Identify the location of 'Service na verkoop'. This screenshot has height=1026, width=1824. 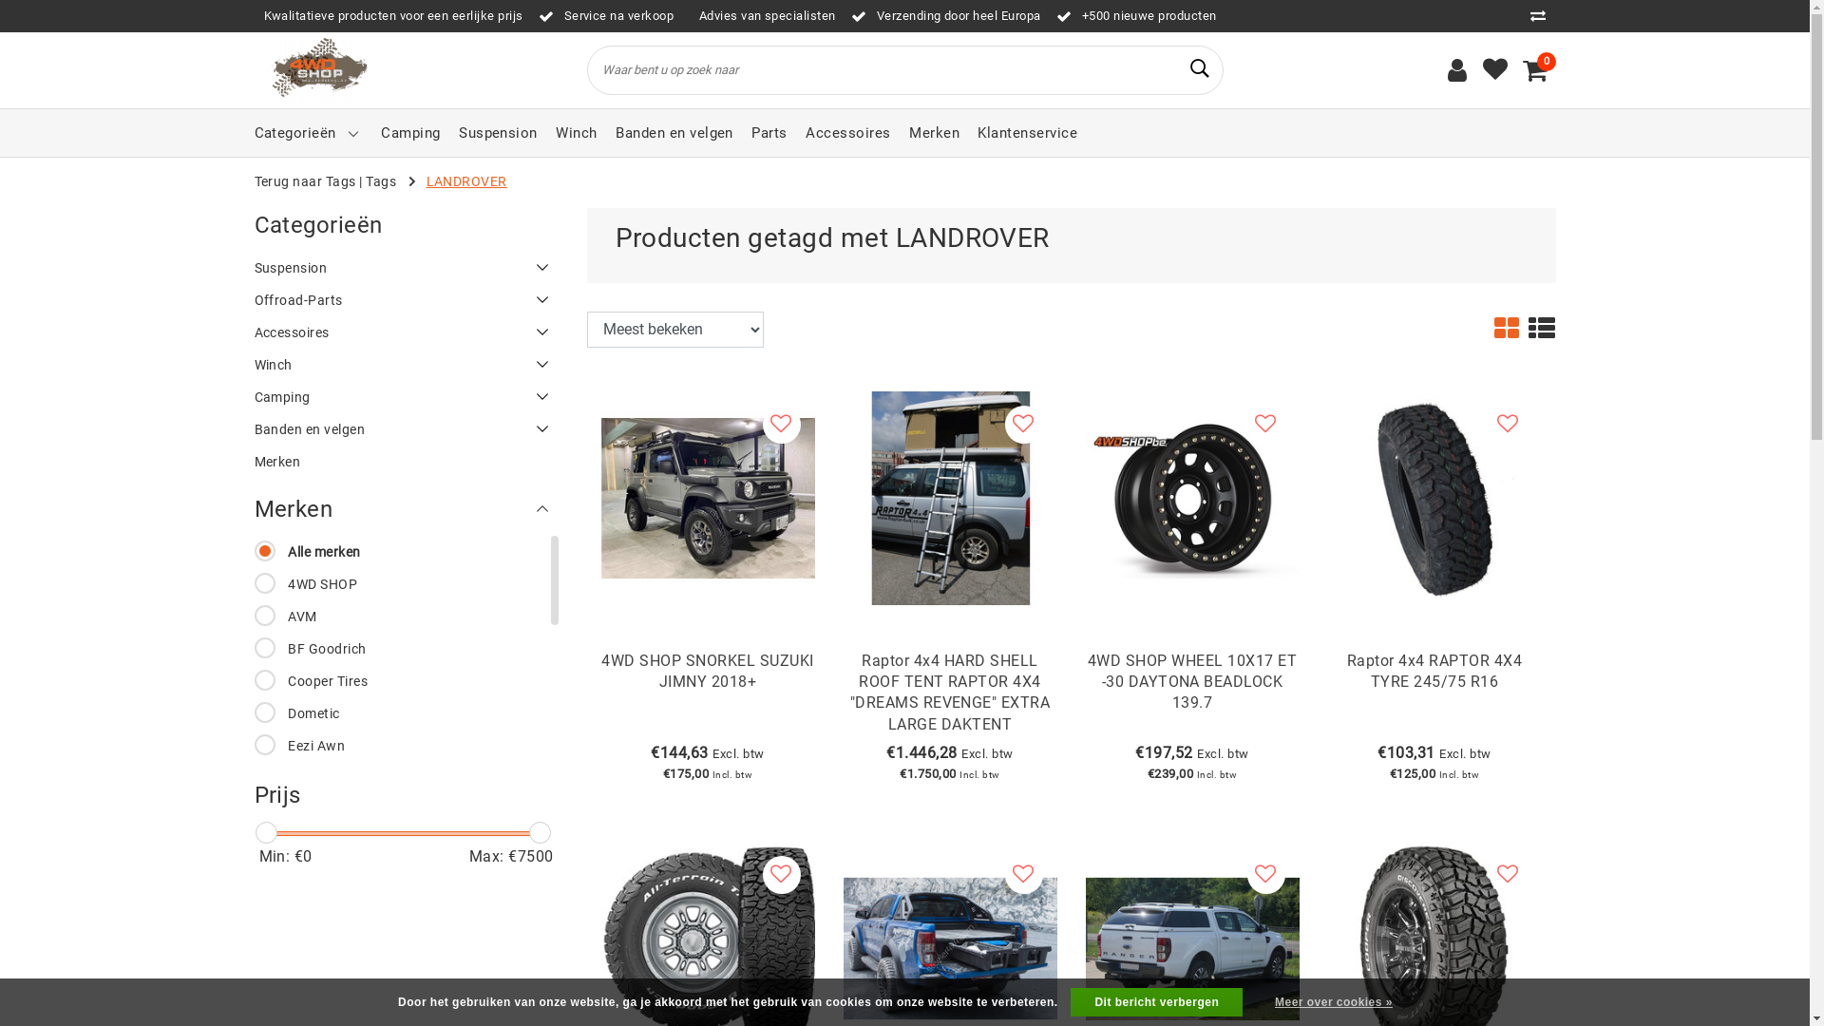
(605, 15).